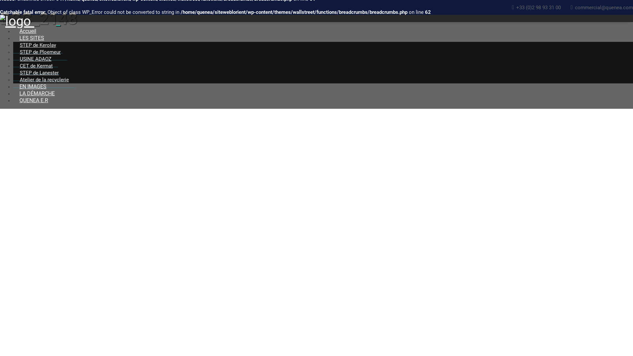  I want to click on 'CET de Kermat', so click(36, 66).